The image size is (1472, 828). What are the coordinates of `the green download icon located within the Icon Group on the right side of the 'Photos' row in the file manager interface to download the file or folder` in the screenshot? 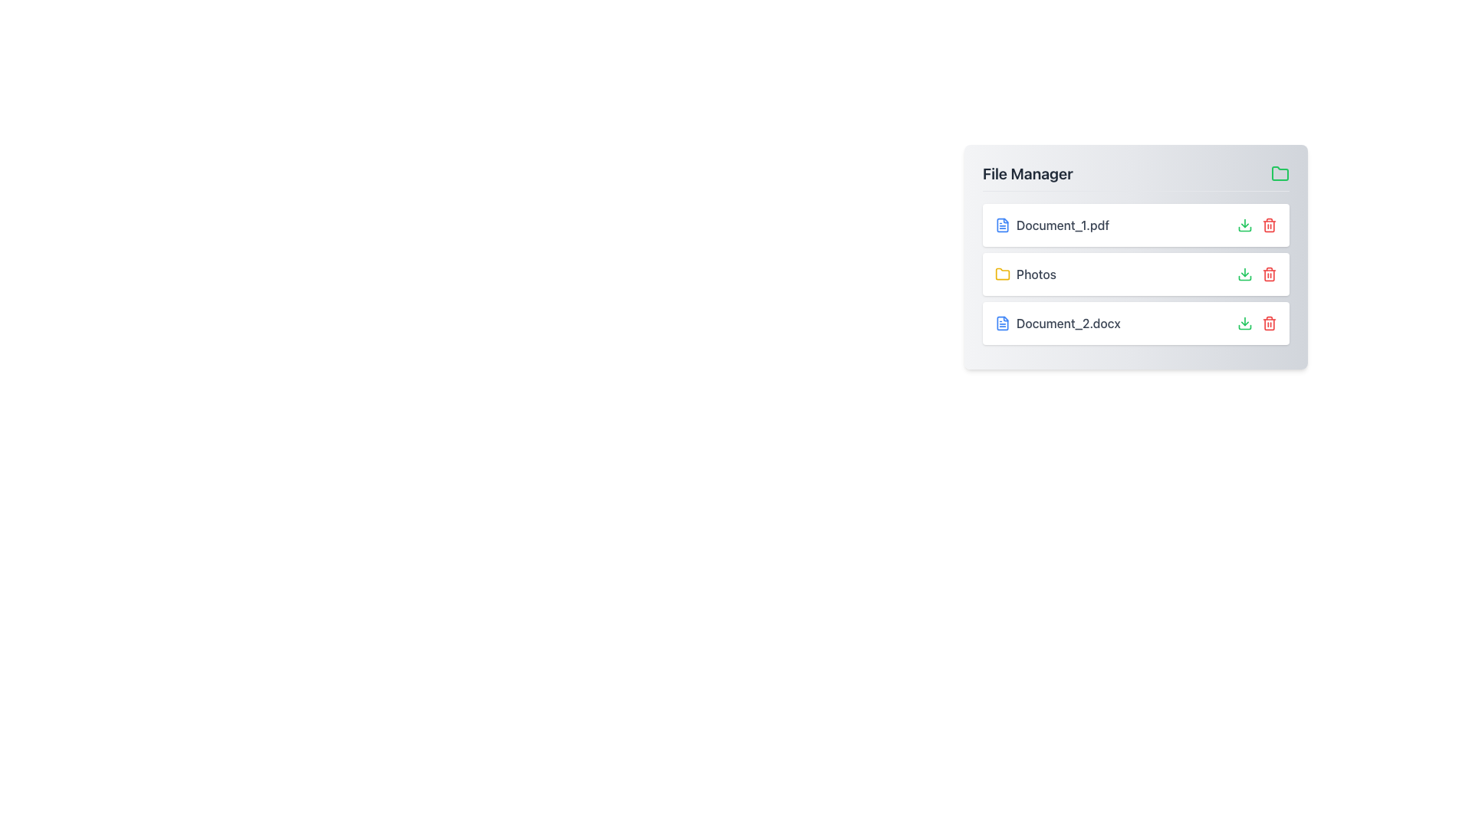 It's located at (1257, 274).